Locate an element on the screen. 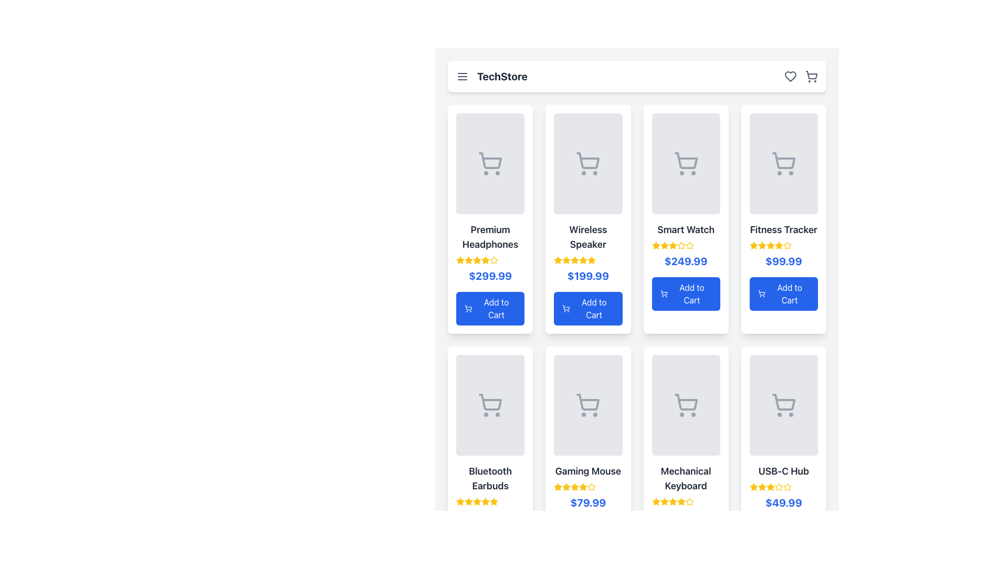 This screenshot has width=1008, height=567. the cumulative rating represented by the star icons in the rating indicator located below the 'USB-C Hub' title and above the price text '$49.99' is located at coordinates (783, 487).